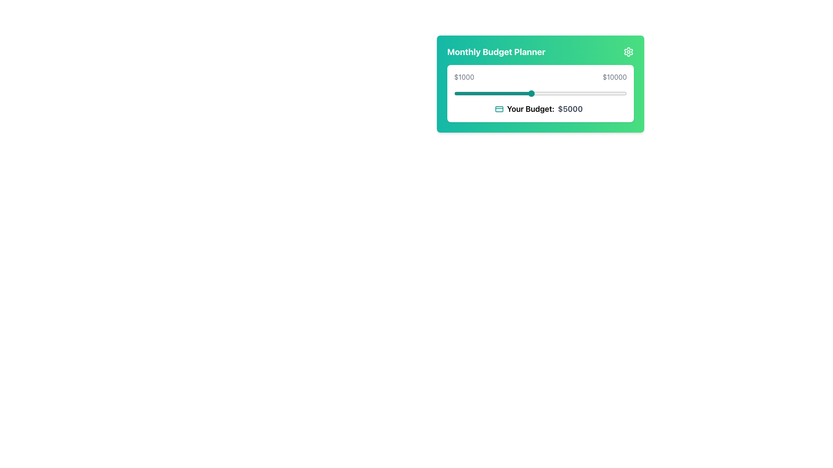 The image size is (833, 468). Describe the element at coordinates (496, 52) in the screenshot. I see `title 'Monthly Budget Planner' from the text label displayed in bold, white font on a gradient green background, located at the top-left corner of the green card-like interface` at that location.